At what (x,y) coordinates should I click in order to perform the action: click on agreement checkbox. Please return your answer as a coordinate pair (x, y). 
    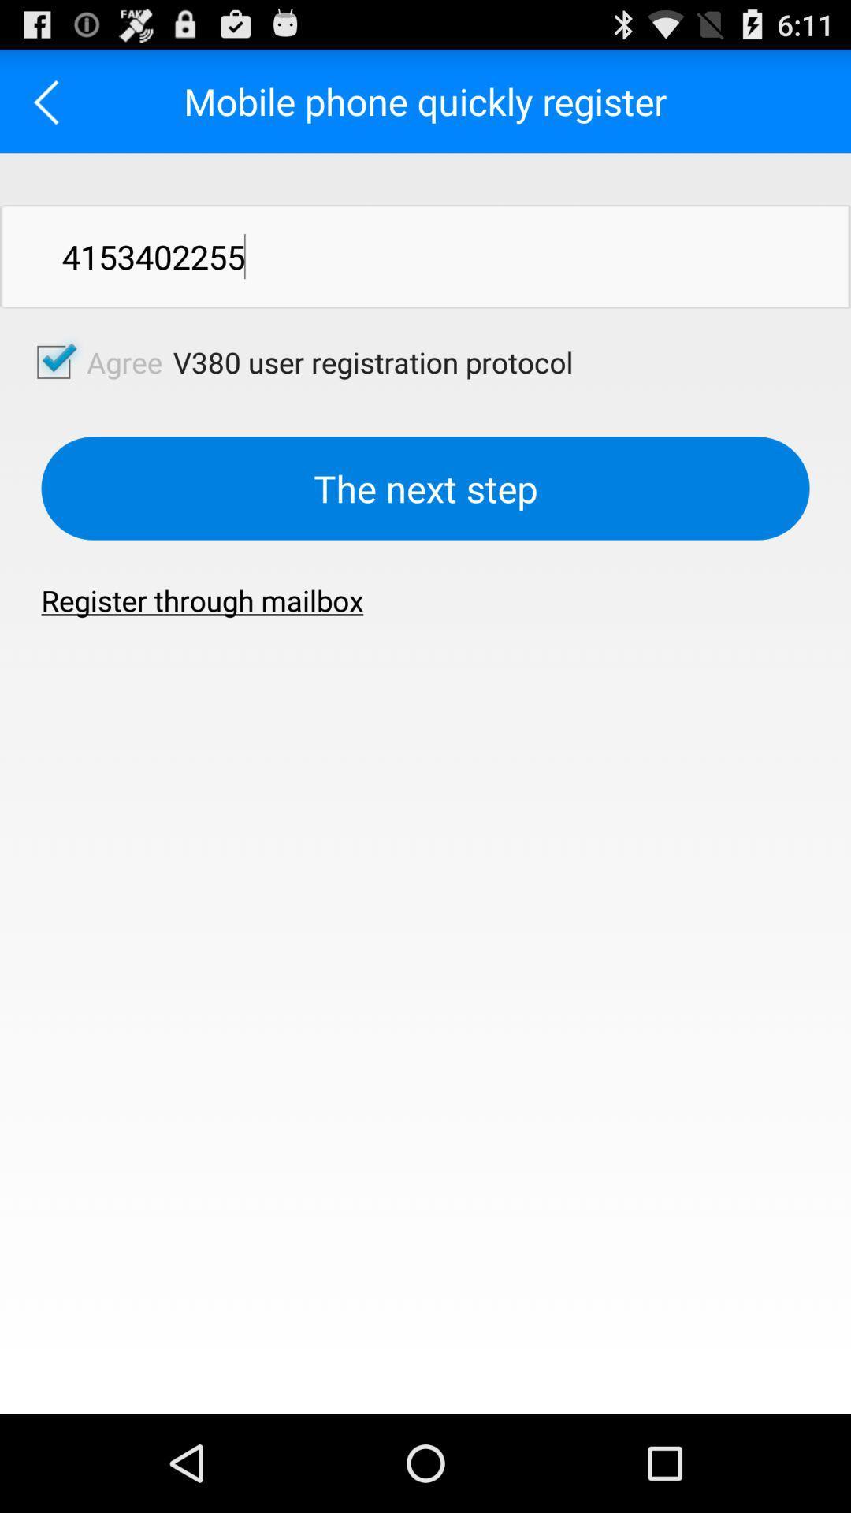
    Looking at the image, I should click on (53, 361).